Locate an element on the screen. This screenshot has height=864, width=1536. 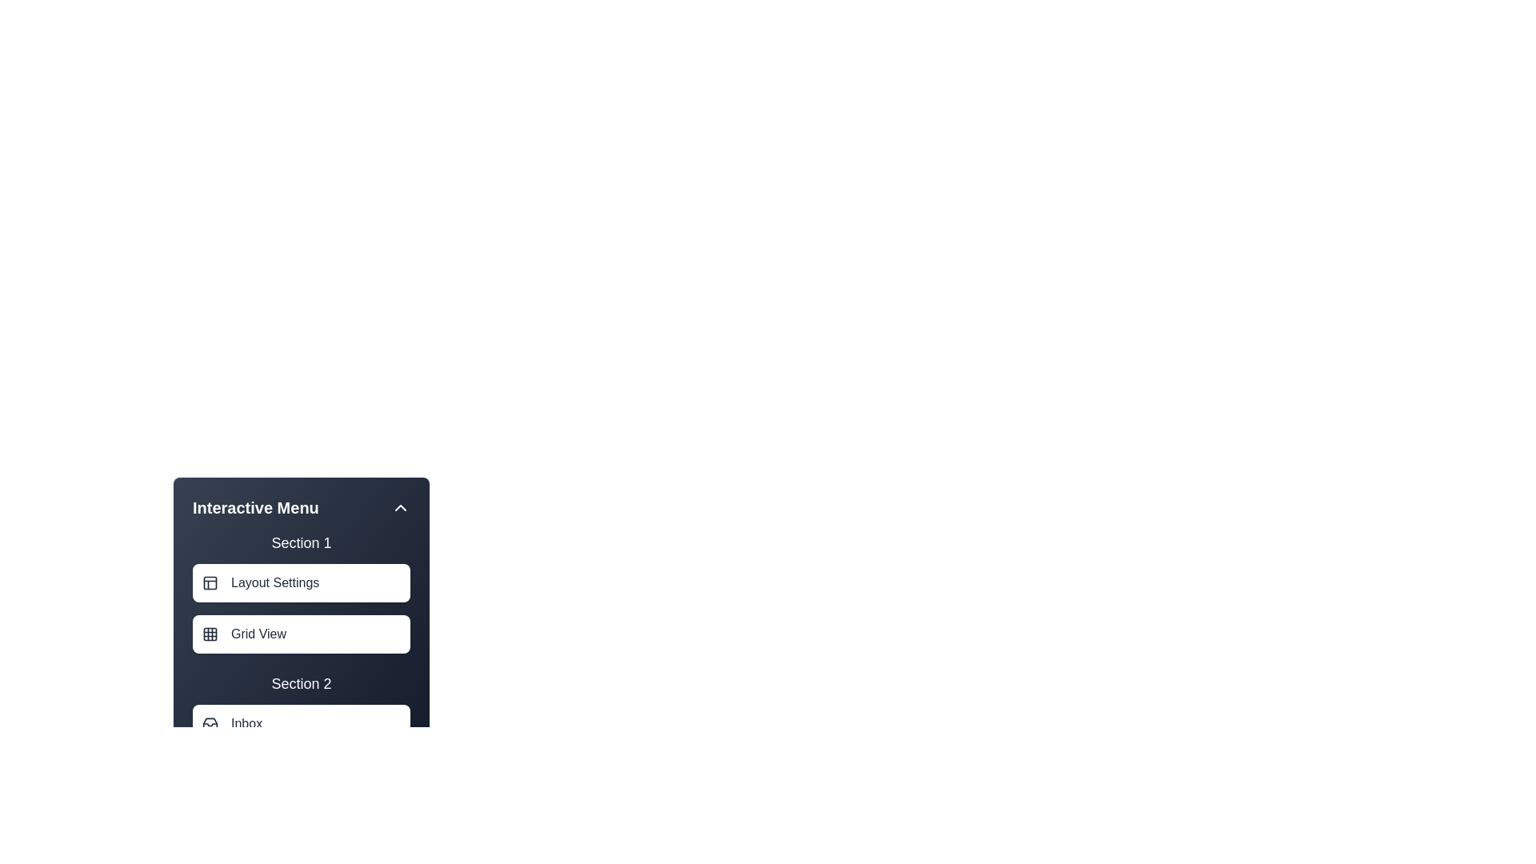
the icon associated with Layout Settings is located at coordinates (210, 583).